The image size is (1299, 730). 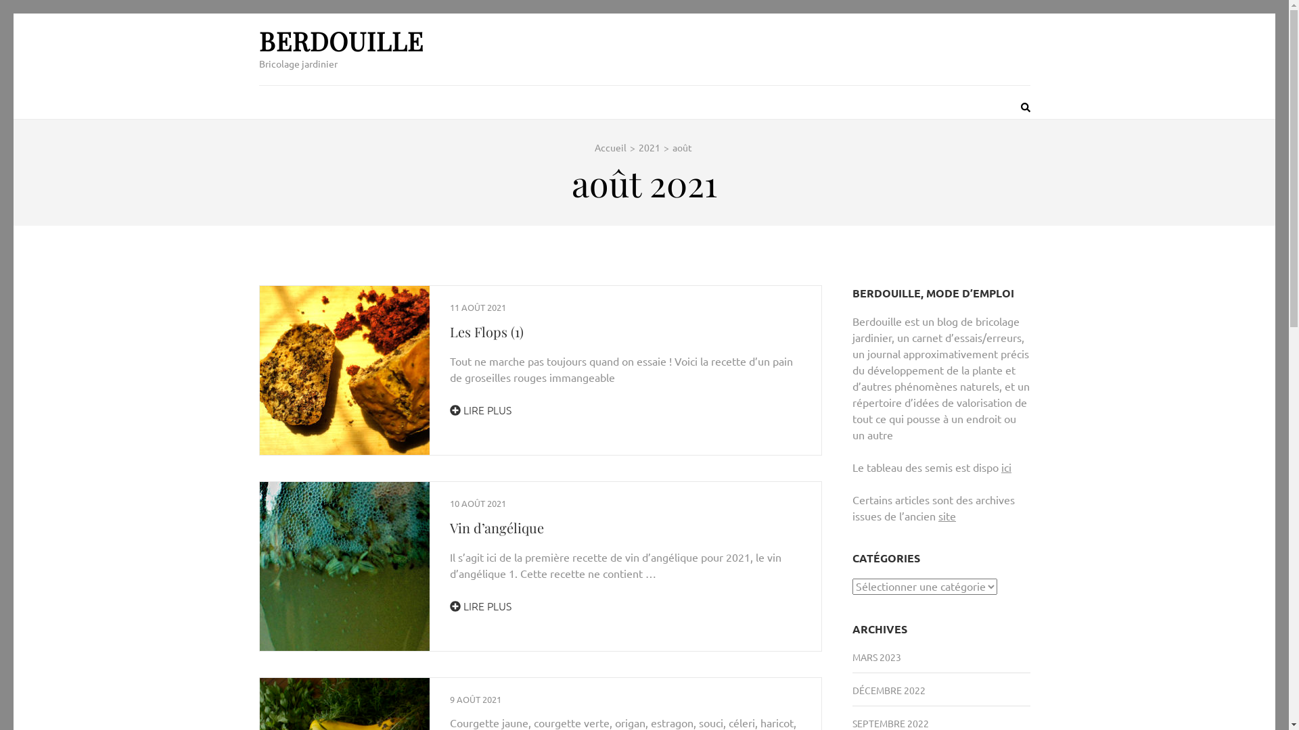 What do you see at coordinates (594, 147) in the screenshot?
I see `'Accueil'` at bounding box center [594, 147].